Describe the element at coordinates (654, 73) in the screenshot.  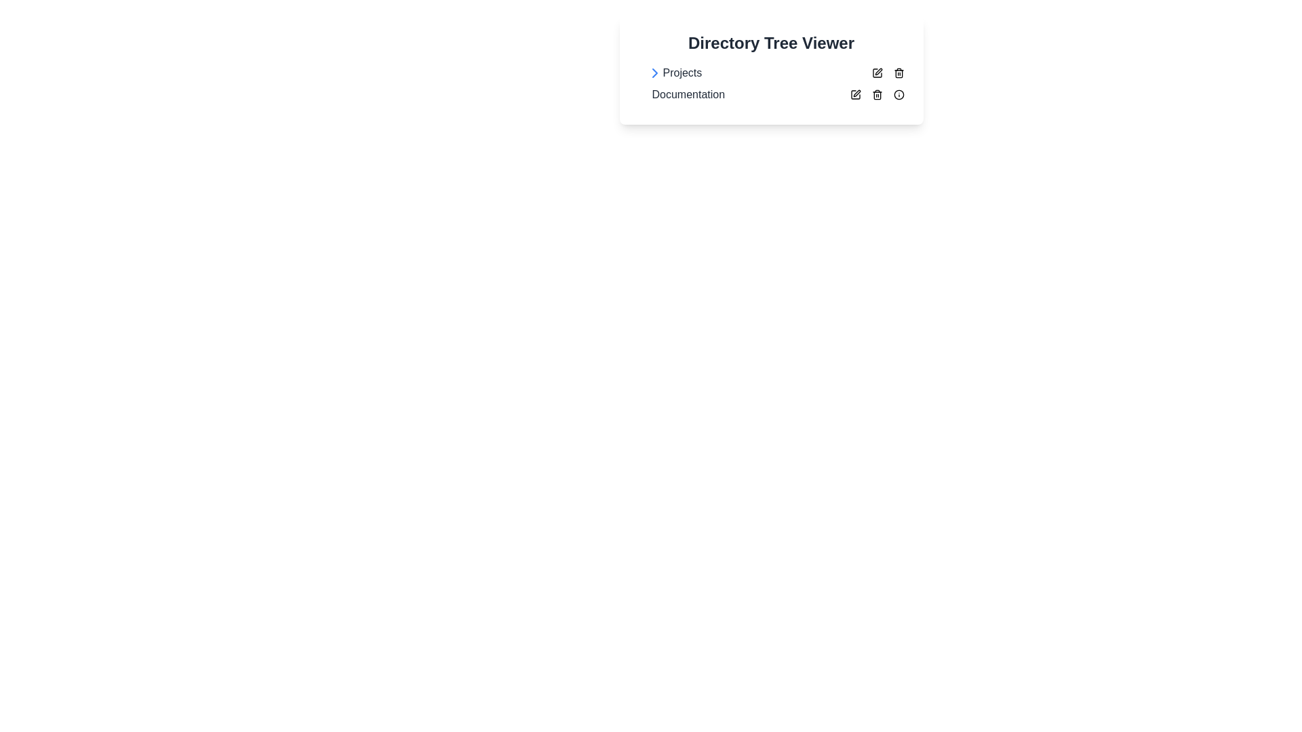
I see `the blue chevron arrow icon located in the top-right corner of the 'Directory Tree Viewer' card` at that location.